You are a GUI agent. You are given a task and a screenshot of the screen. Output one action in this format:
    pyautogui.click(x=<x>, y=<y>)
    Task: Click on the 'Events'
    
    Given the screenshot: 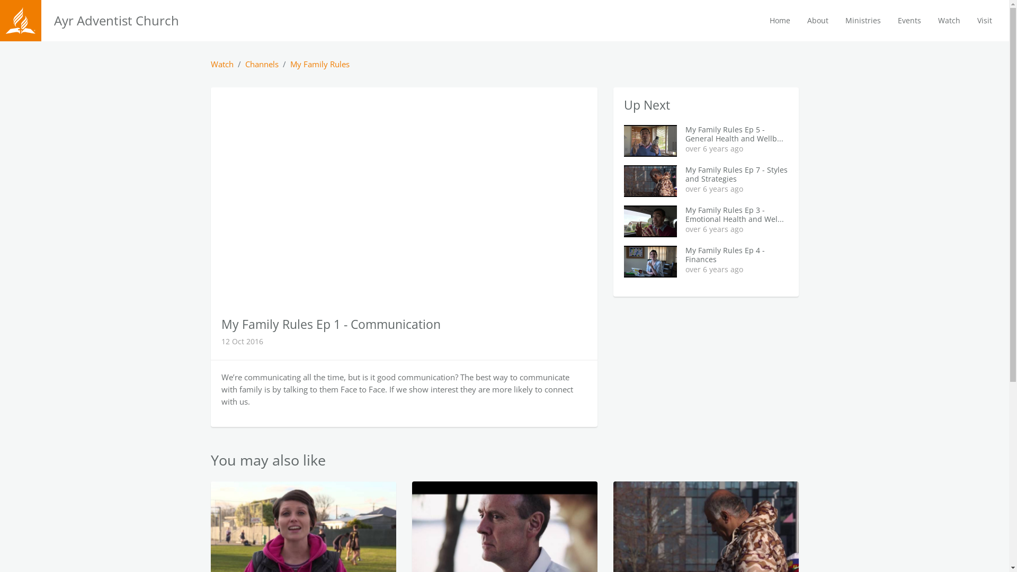 What is the action you would take?
    pyautogui.click(x=909, y=20)
    